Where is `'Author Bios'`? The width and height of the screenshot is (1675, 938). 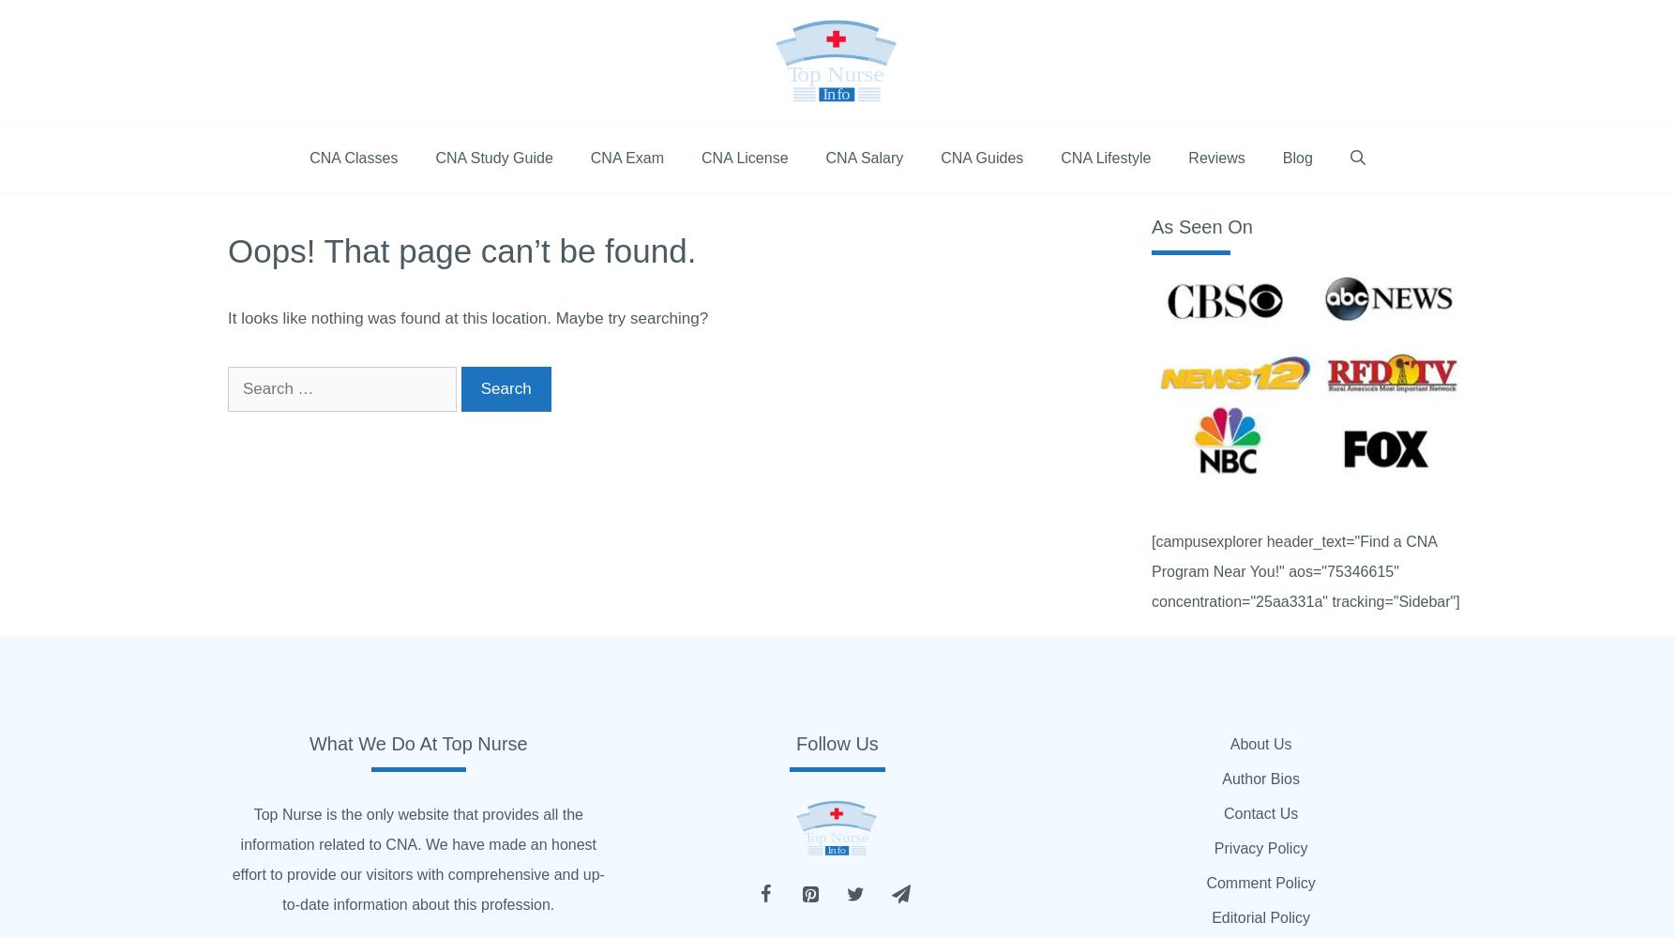 'Author Bios' is located at coordinates (1260, 778).